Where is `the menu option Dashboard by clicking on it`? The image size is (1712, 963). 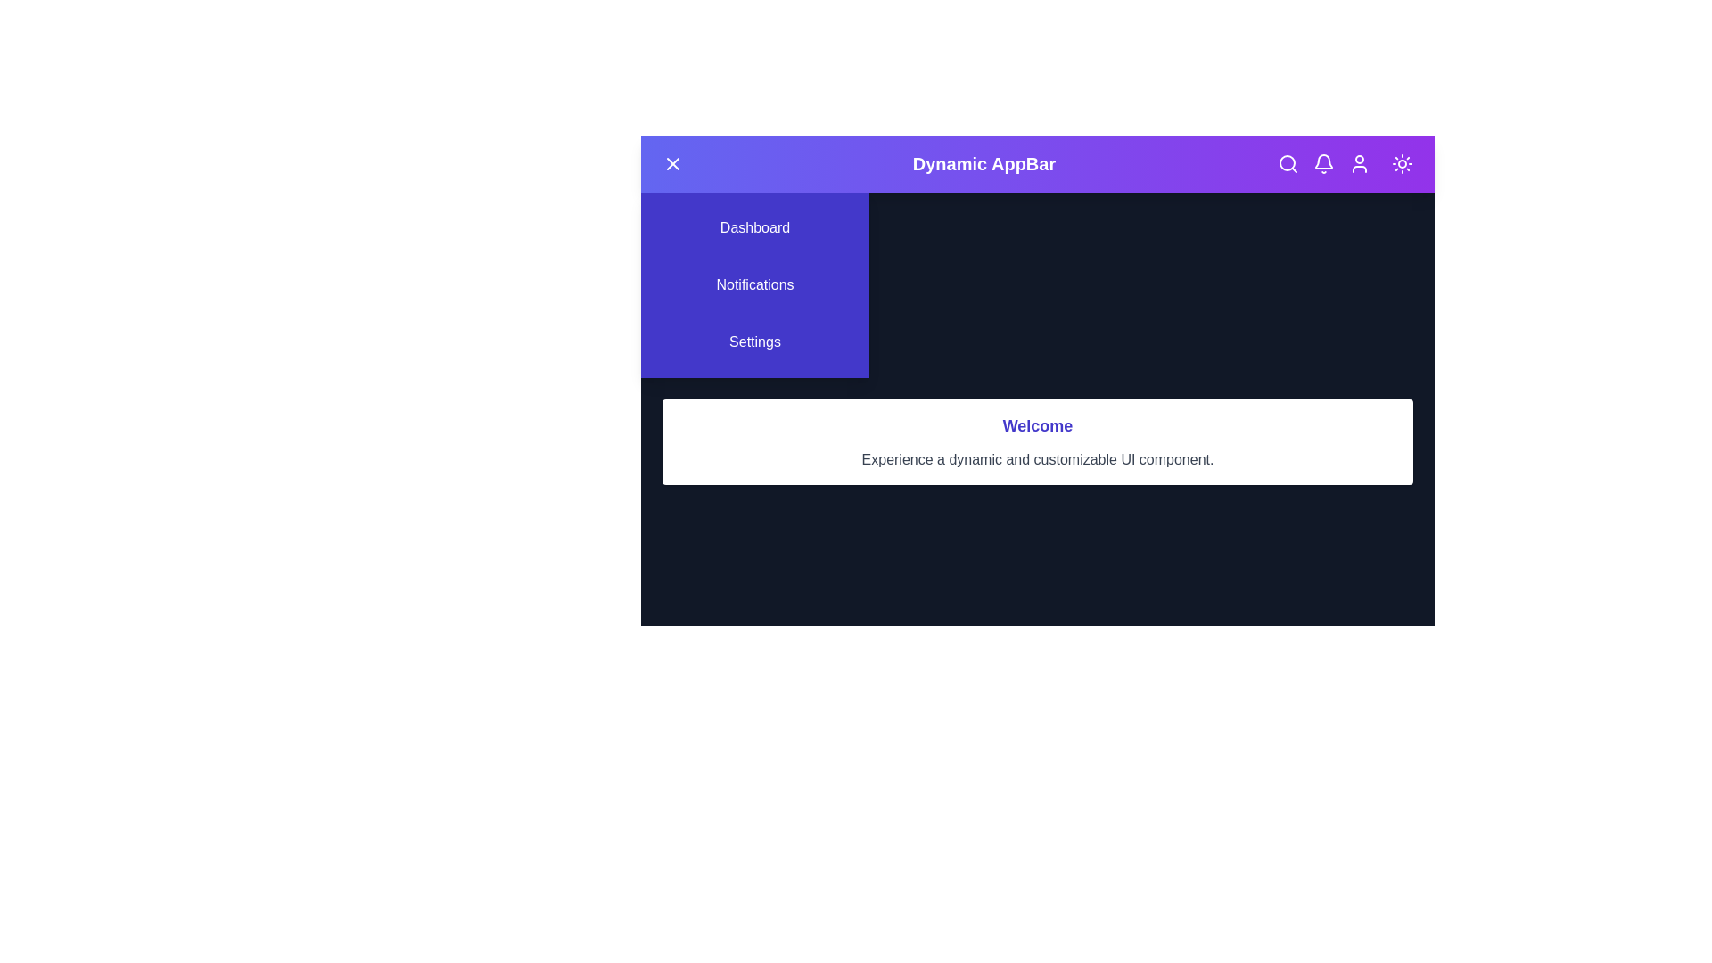 the menu option Dashboard by clicking on it is located at coordinates (754, 226).